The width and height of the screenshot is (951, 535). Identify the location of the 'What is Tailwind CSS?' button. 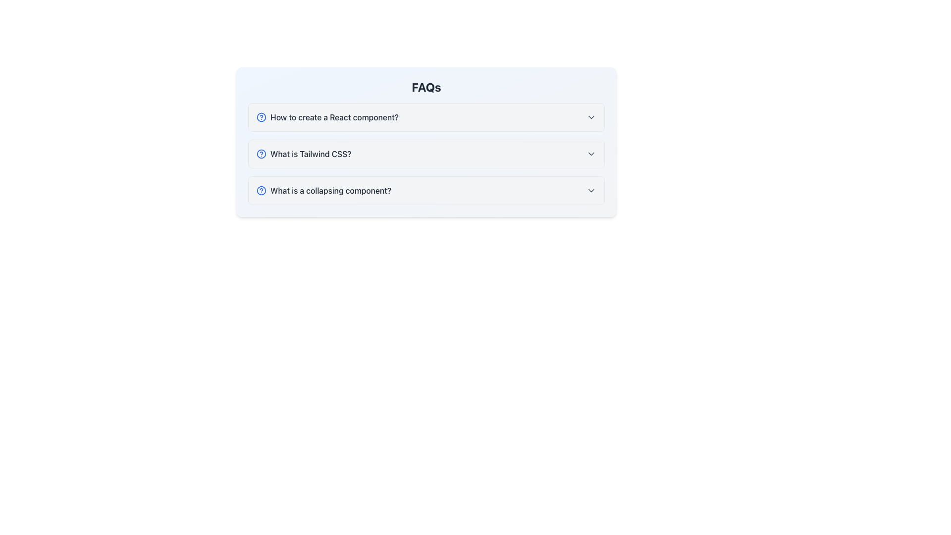
(426, 154).